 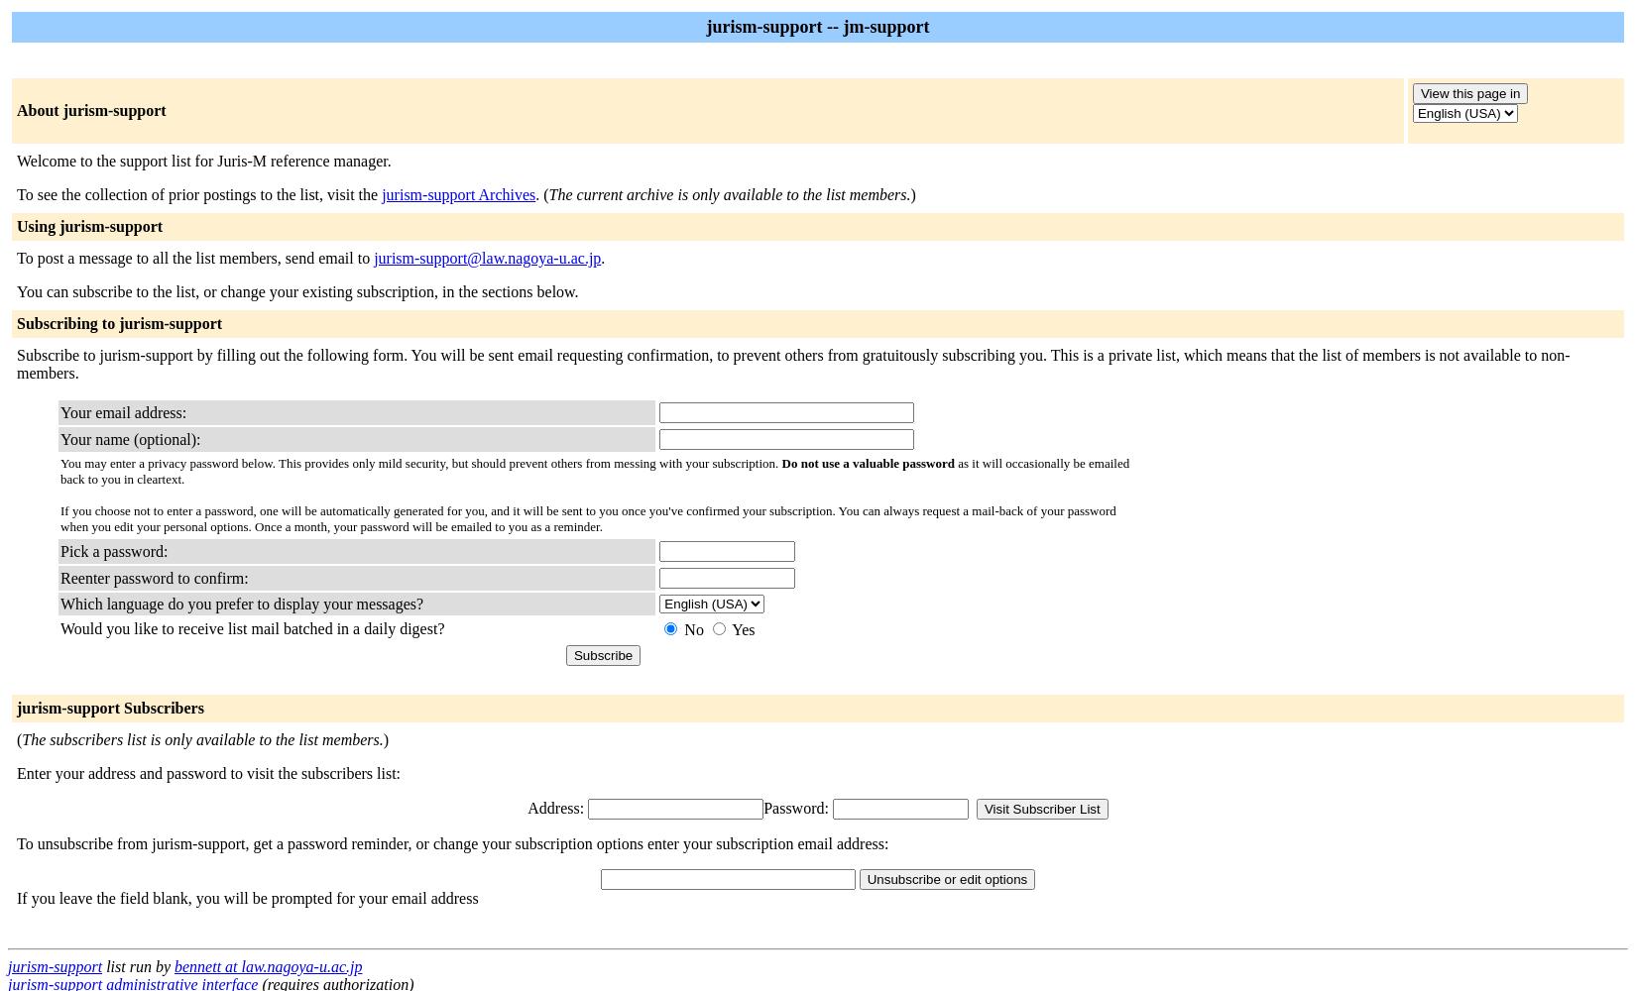 I want to click on 'jurism-support@law.nagoya-u.ac.jp', so click(x=374, y=258).